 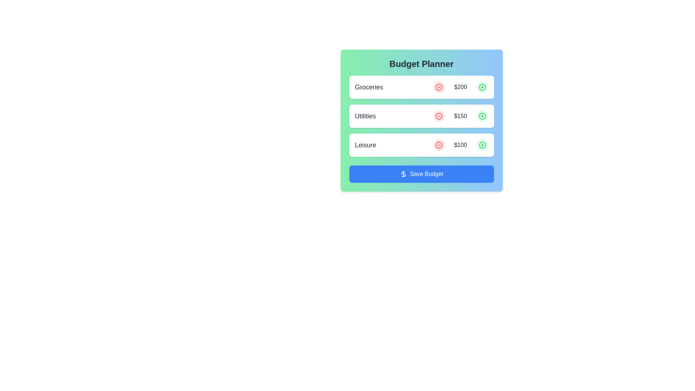 What do you see at coordinates (438, 145) in the screenshot?
I see `the circular button with a red border and minus icon, located in the 'Leisure' row, to the left of the '$100' label` at bounding box center [438, 145].